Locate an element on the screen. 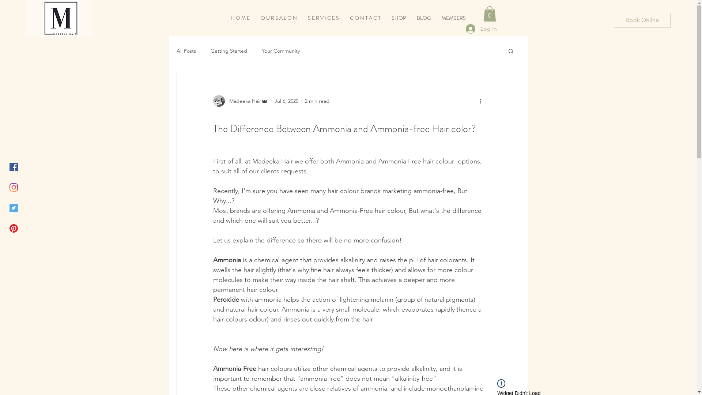 This screenshot has width=702, height=395. 'C O N T A C T' is located at coordinates (344, 18).